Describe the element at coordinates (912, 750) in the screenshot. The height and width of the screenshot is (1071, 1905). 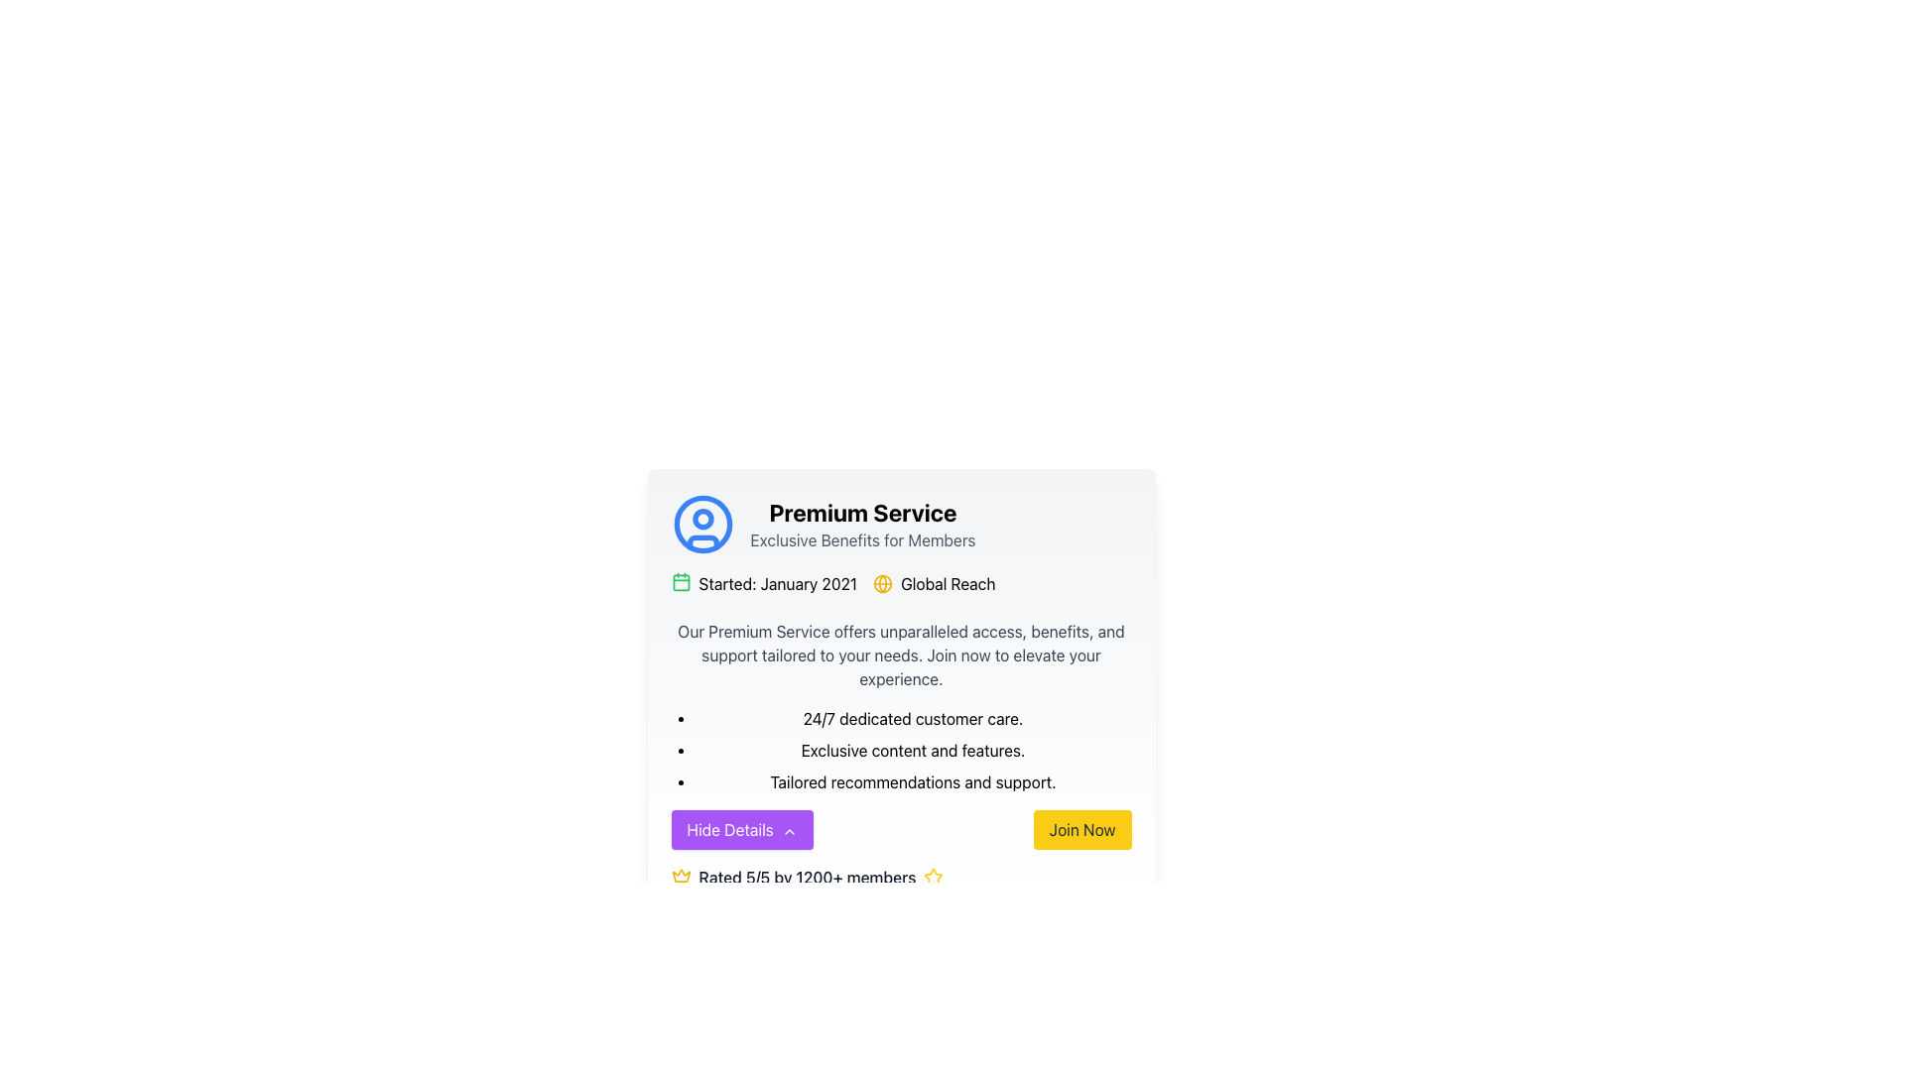
I see `the list that provides information about the benefits of the Premium Service, located in the lower half of the section, just above the 'Hide Details' and 'Join Now' buttons` at that location.